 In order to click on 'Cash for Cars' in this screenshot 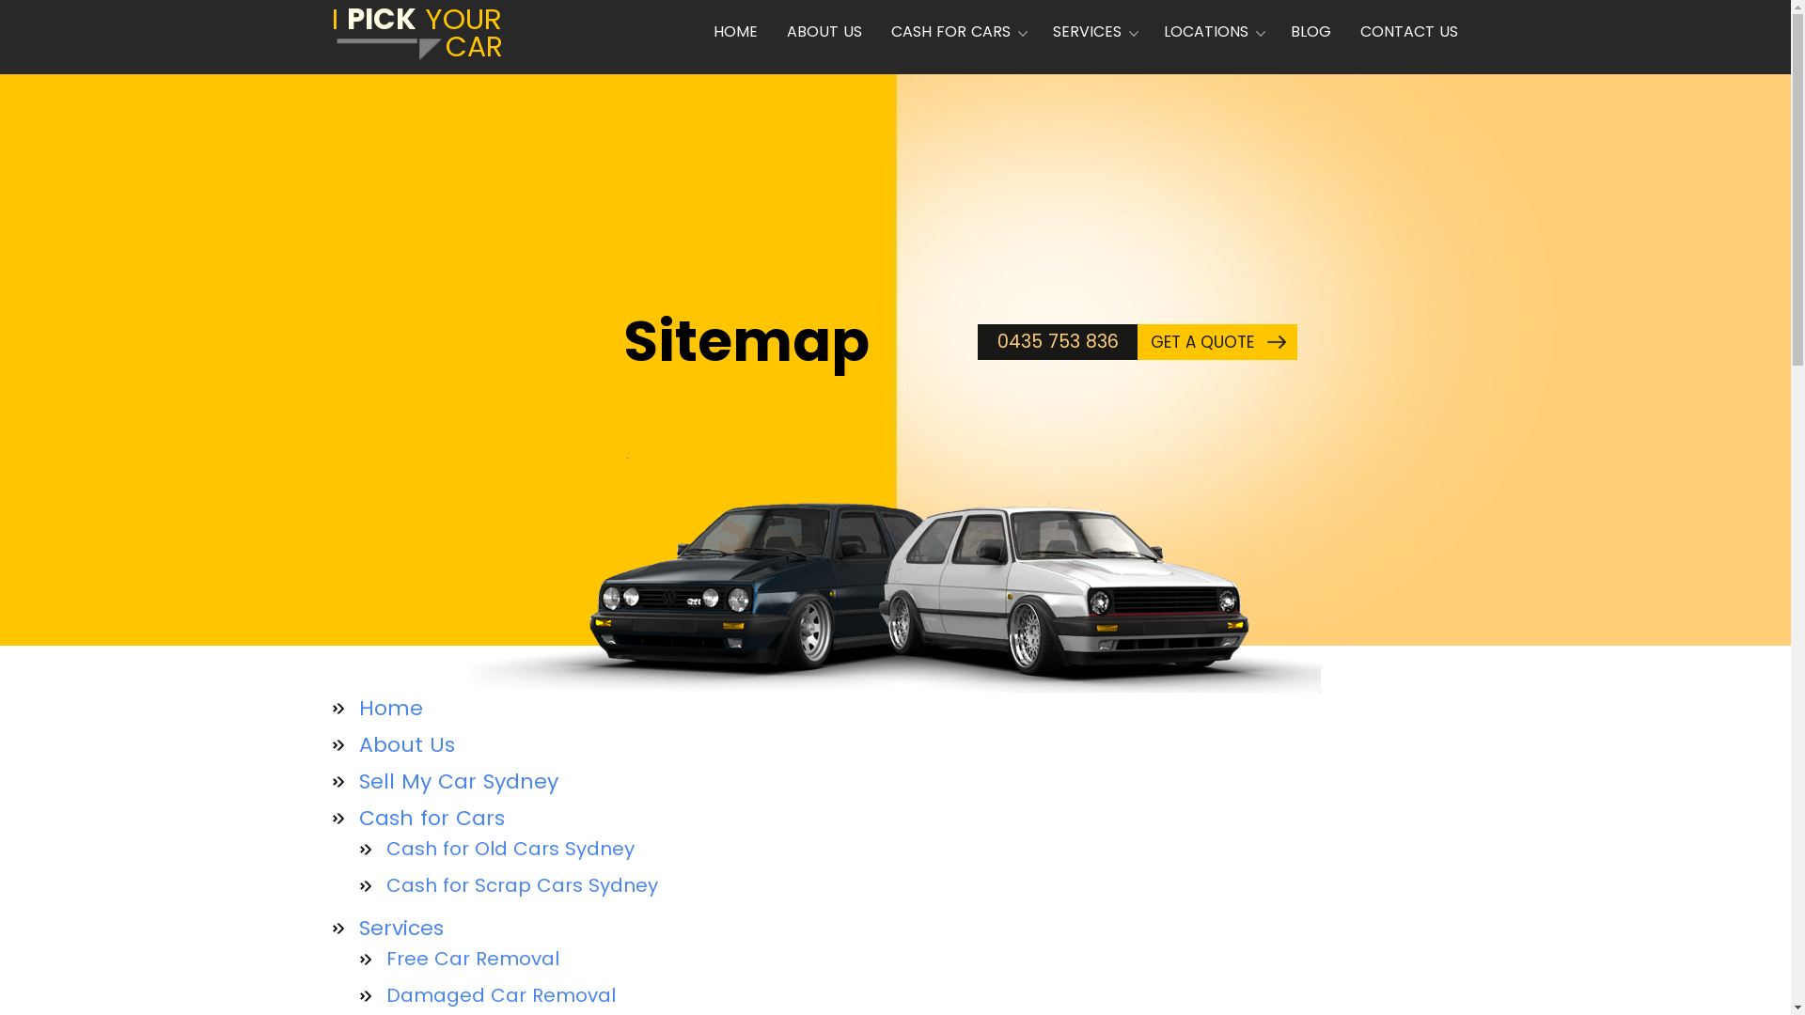, I will do `click(442, 817)`.